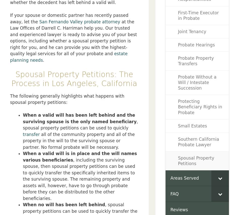 Image resolution: width=239 pixels, height=215 pixels. Describe the element at coordinates (178, 126) in the screenshot. I see `'Small Estates'` at that location.